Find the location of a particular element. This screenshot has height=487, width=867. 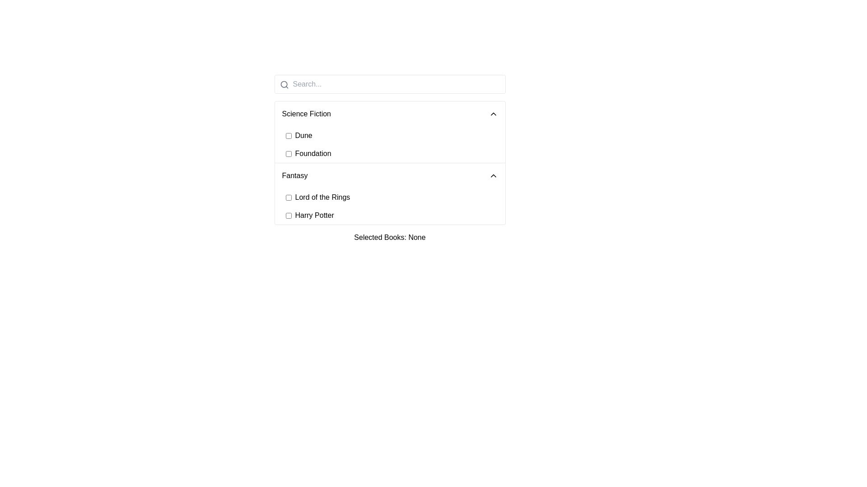

the standard checkbox input for the 'Dune' selection in the 'Science Fiction' category is located at coordinates (288, 135).